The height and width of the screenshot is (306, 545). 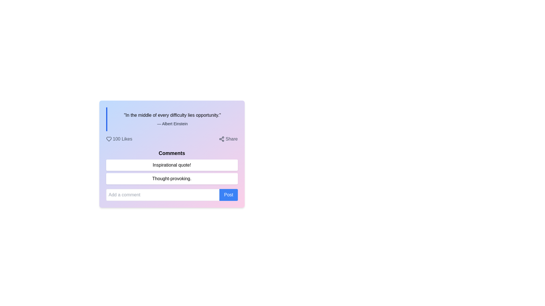 What do you see at coordinates (171, 175) in the screenshot?
I see `the second comment box` at bounding box center [171, 175].